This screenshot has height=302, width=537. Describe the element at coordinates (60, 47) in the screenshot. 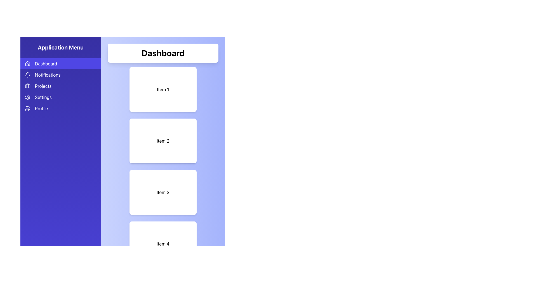

I see `the Text Display element at the top of the vertical sidebar menu that indicates the application menu's purpose` at that location.